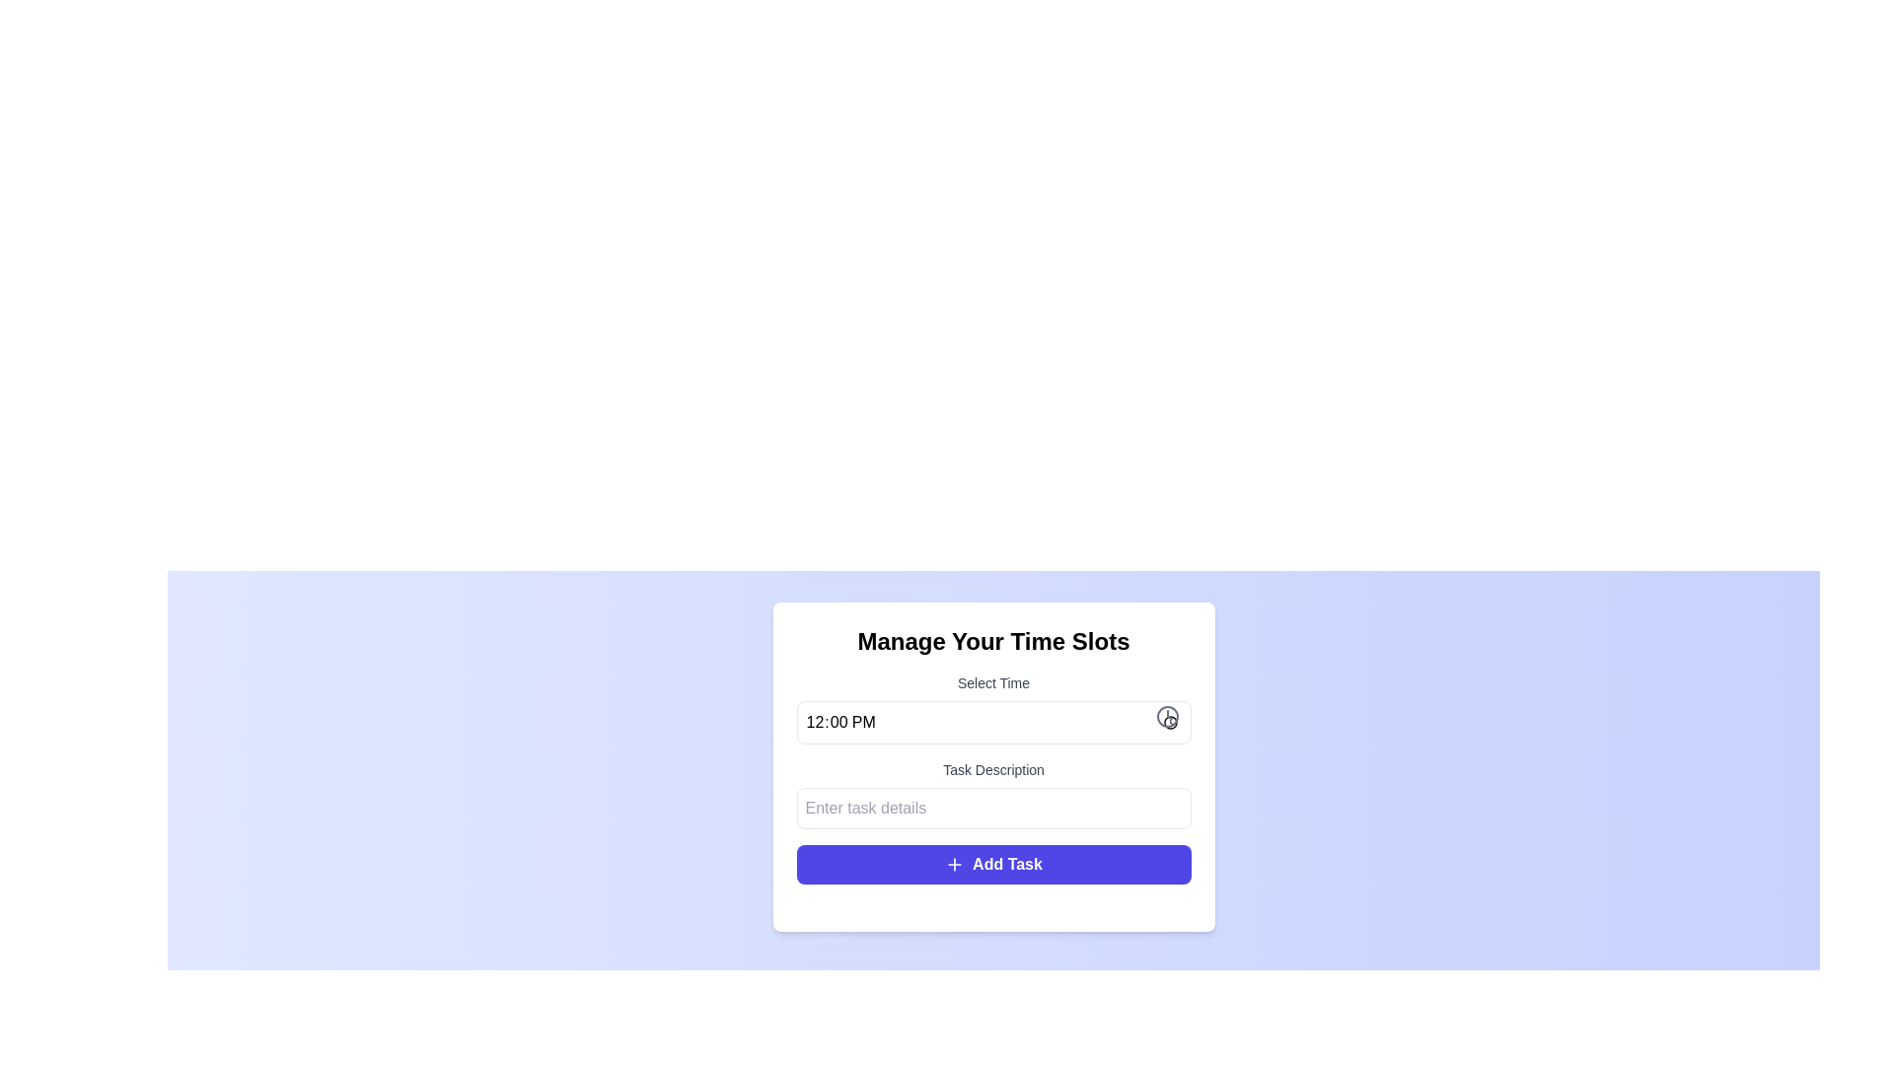 The height and width of the screenshot is (1065, 1894). I want to click on the Text Heading element, which serves as the title for the card and is positioned at the top, centered above 'Select Time' and 'Task Description', so click(993, 642).